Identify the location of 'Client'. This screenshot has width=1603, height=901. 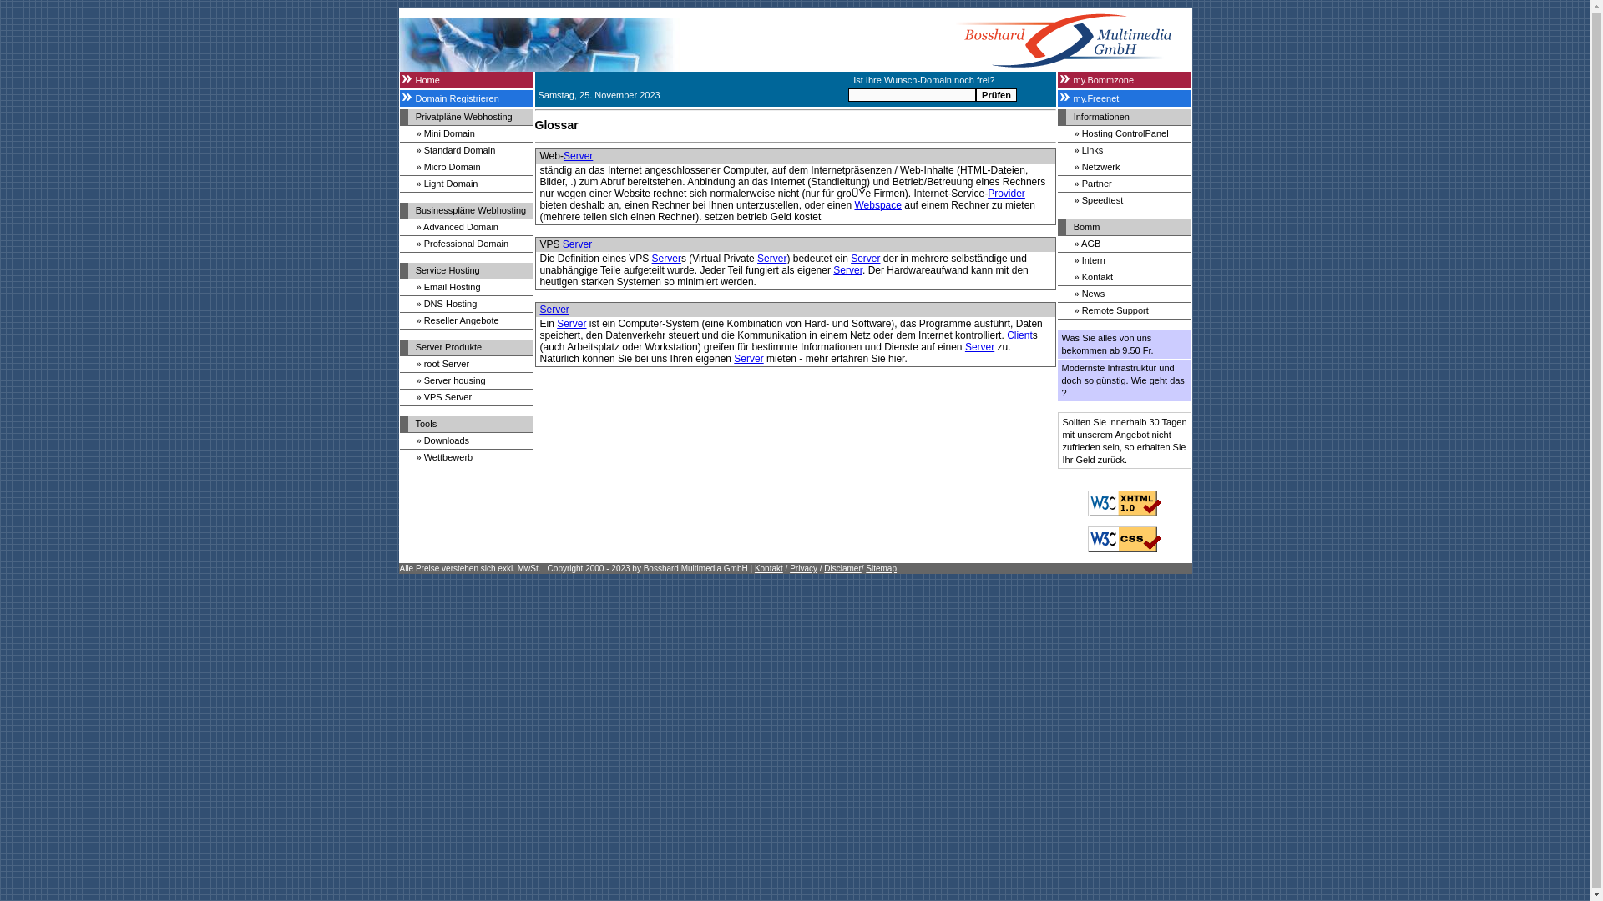
(1019, 335).